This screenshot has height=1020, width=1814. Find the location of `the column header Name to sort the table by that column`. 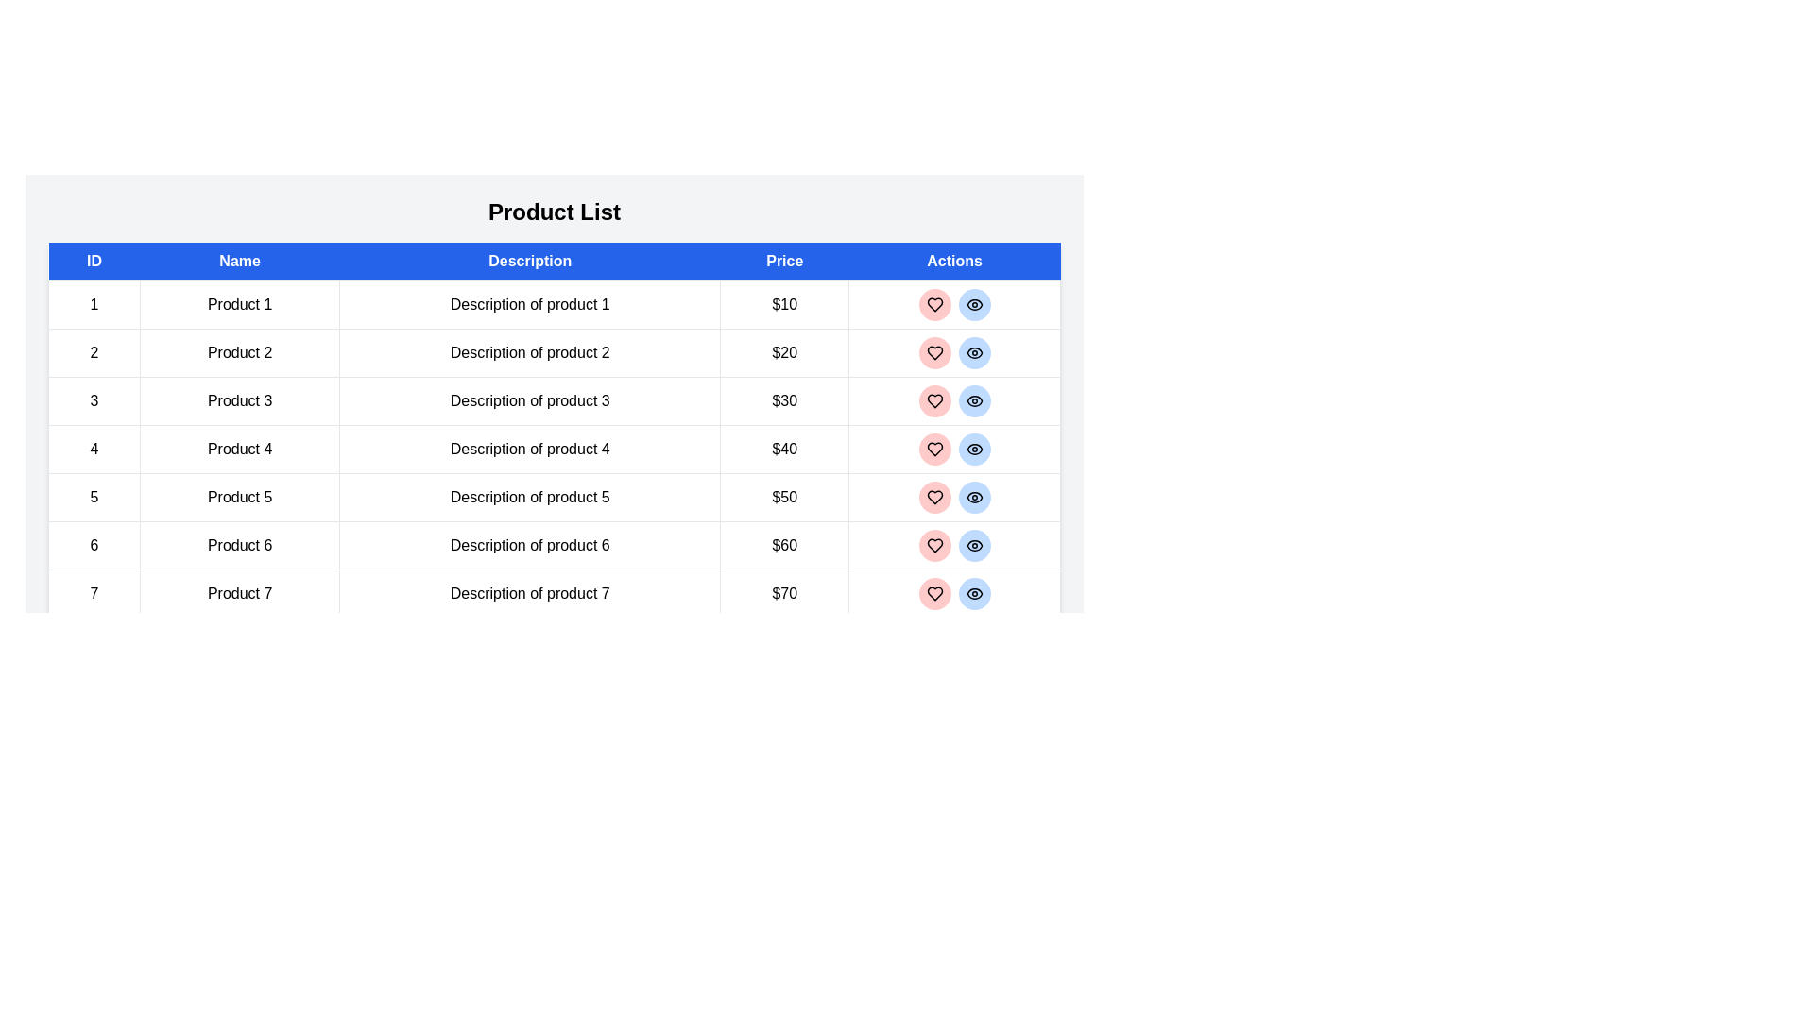

the column header Name to sort the table by that column is located at coordinates (239, 262).